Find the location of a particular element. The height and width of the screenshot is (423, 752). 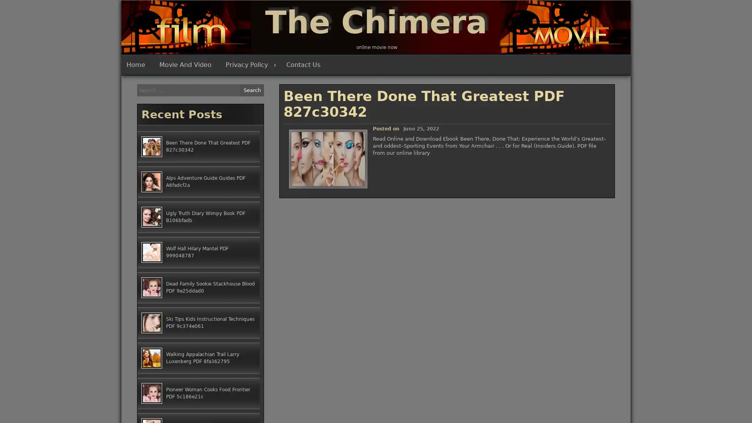

Search is located at coordinates (252, 90).